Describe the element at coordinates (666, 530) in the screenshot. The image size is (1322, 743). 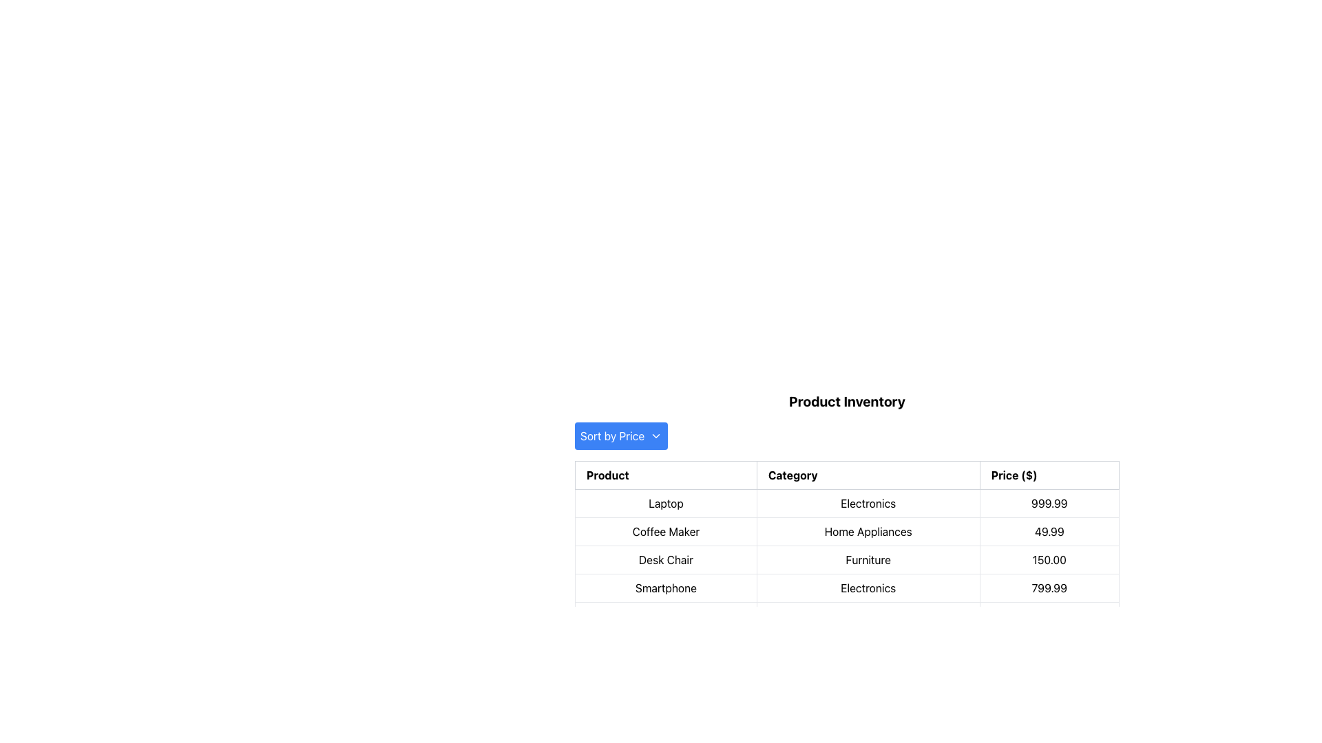
I see `the Table Cell displaying 'Coffee Maker', located in the second row under the 'Product' column` at that location.